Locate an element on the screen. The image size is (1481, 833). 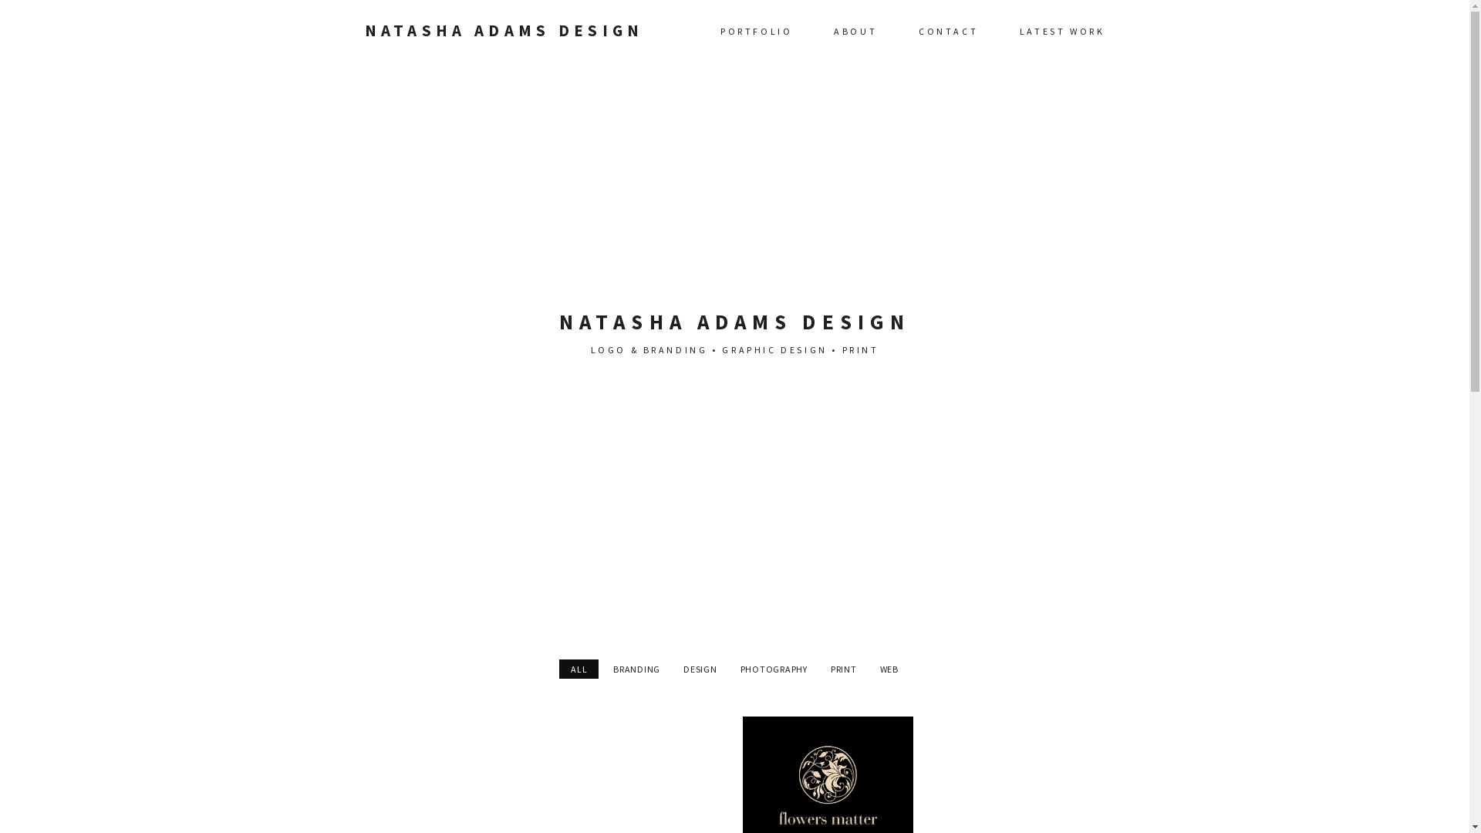
'CONTACT' is located at coordinates (947, 30).